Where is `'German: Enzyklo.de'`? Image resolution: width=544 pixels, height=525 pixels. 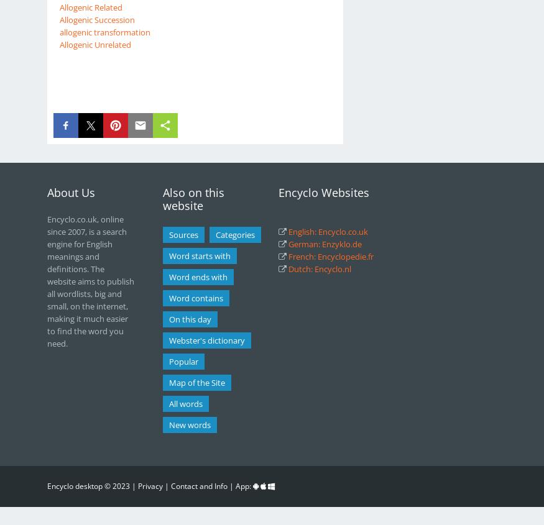
'German: Enzyklo.de' is located at coordinates (324, 244).